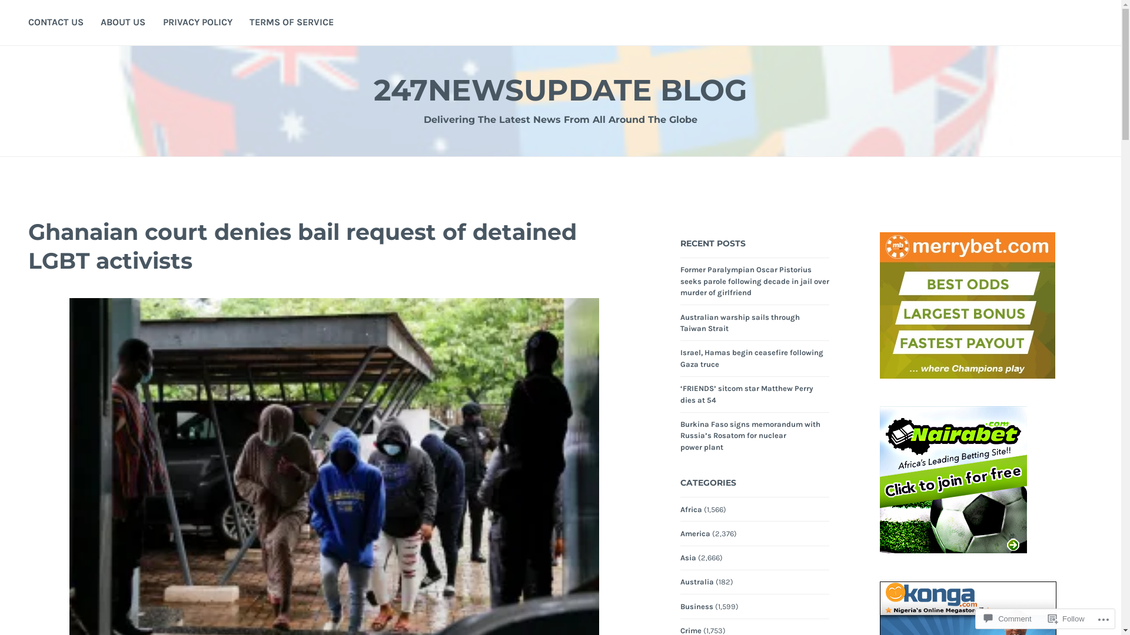 This screenshot has width=1130, height=635. I want to click on 'ABOUT US', so click(101, 22).